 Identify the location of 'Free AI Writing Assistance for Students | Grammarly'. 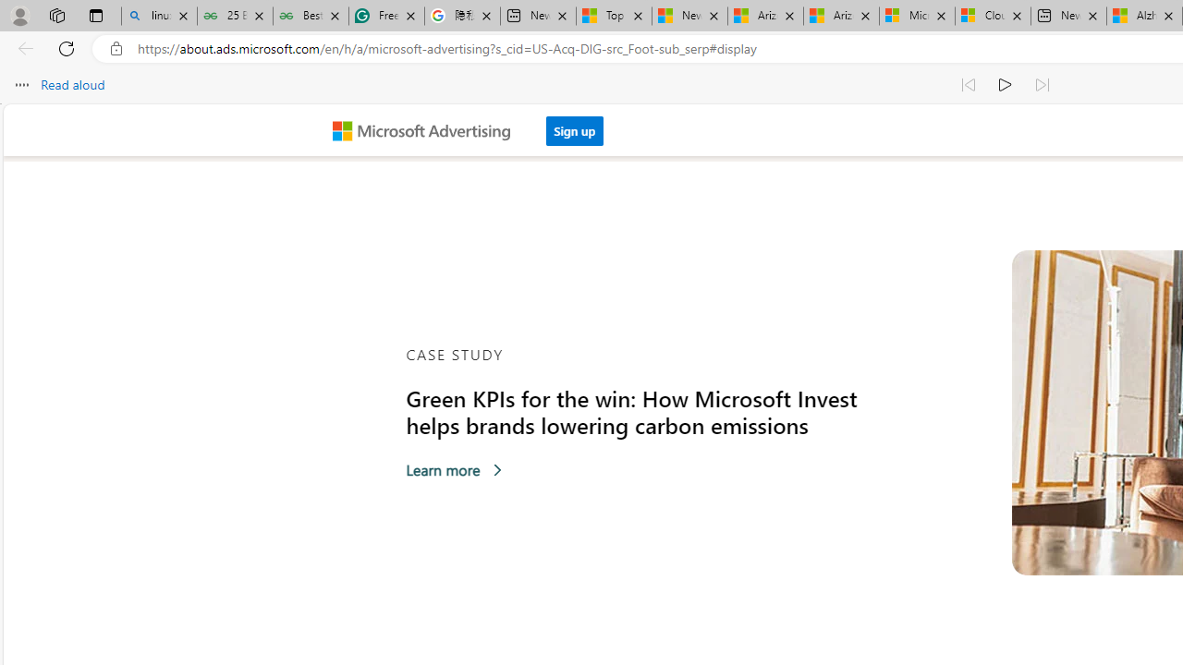
(385, 16).